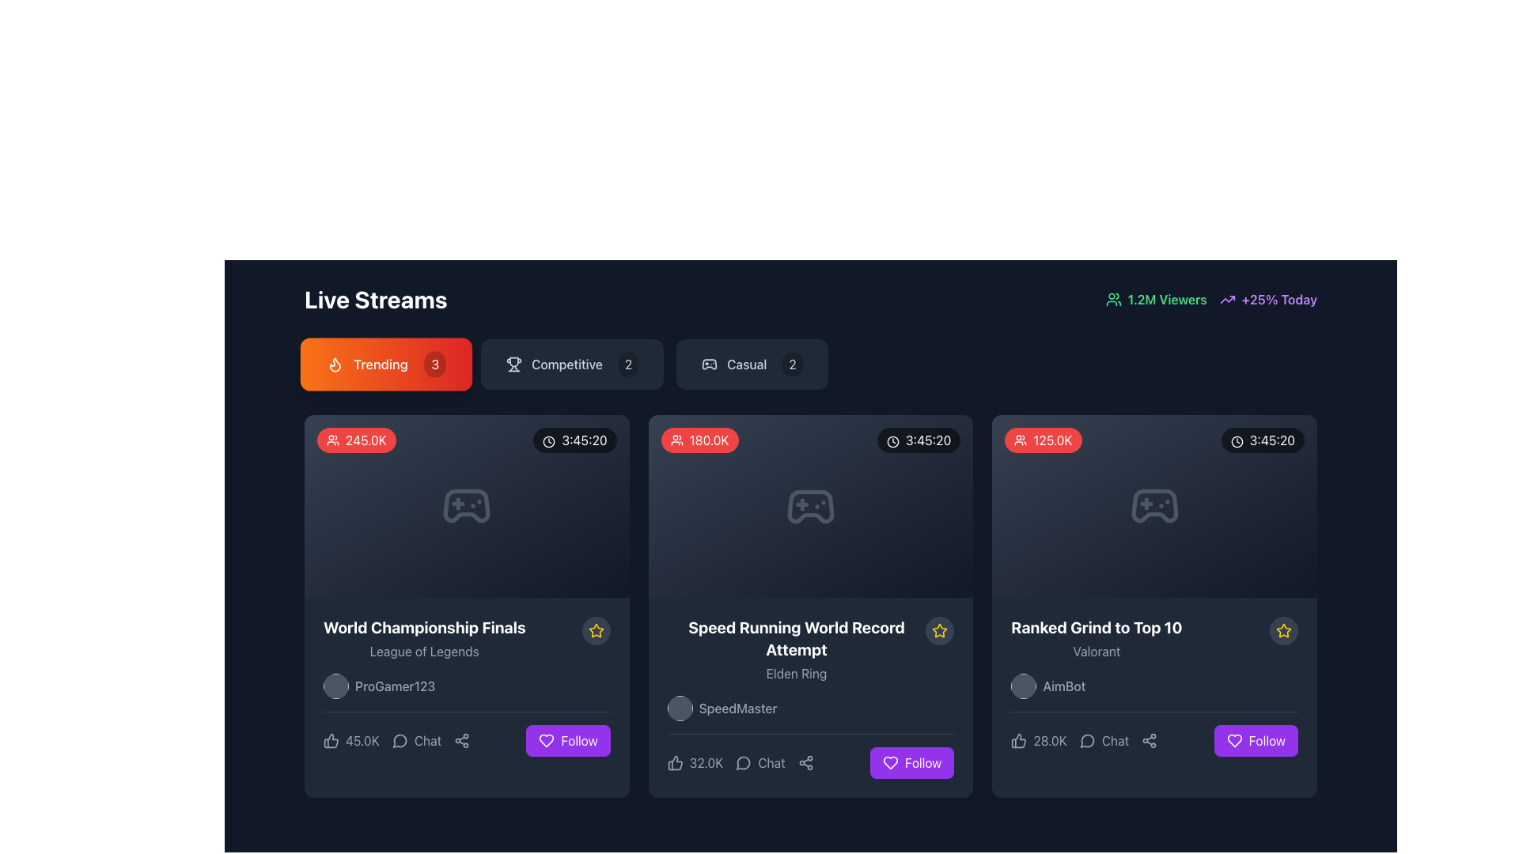 The height and width of the screenshot is (854, 1519). I want to click on the circular outline SVG graphic component that indicates a clock or timer, located above the time label '3:45:20' in the second card of the middle row, so click(892, 441).